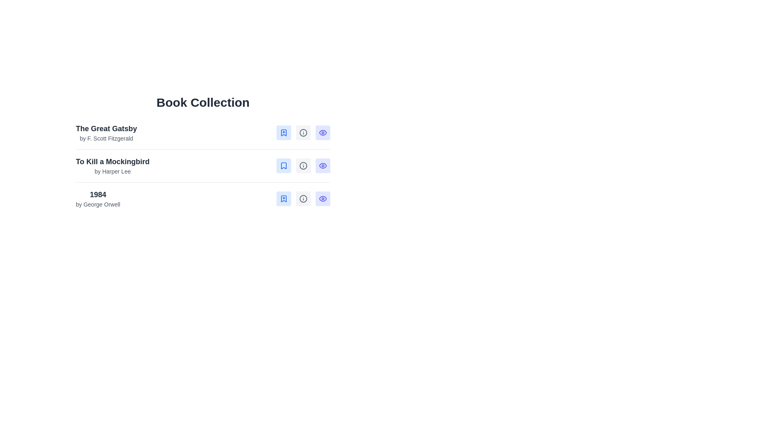 The width and height of the screenshot is (783, 440). Describe the element at coordinates (284, 132) in the screenshot. I see `the bookmark button with a light blue background located to the right of 'The Great Gatsby' in the 'Book Collection' list to bookmark the corresponding item` at that location.